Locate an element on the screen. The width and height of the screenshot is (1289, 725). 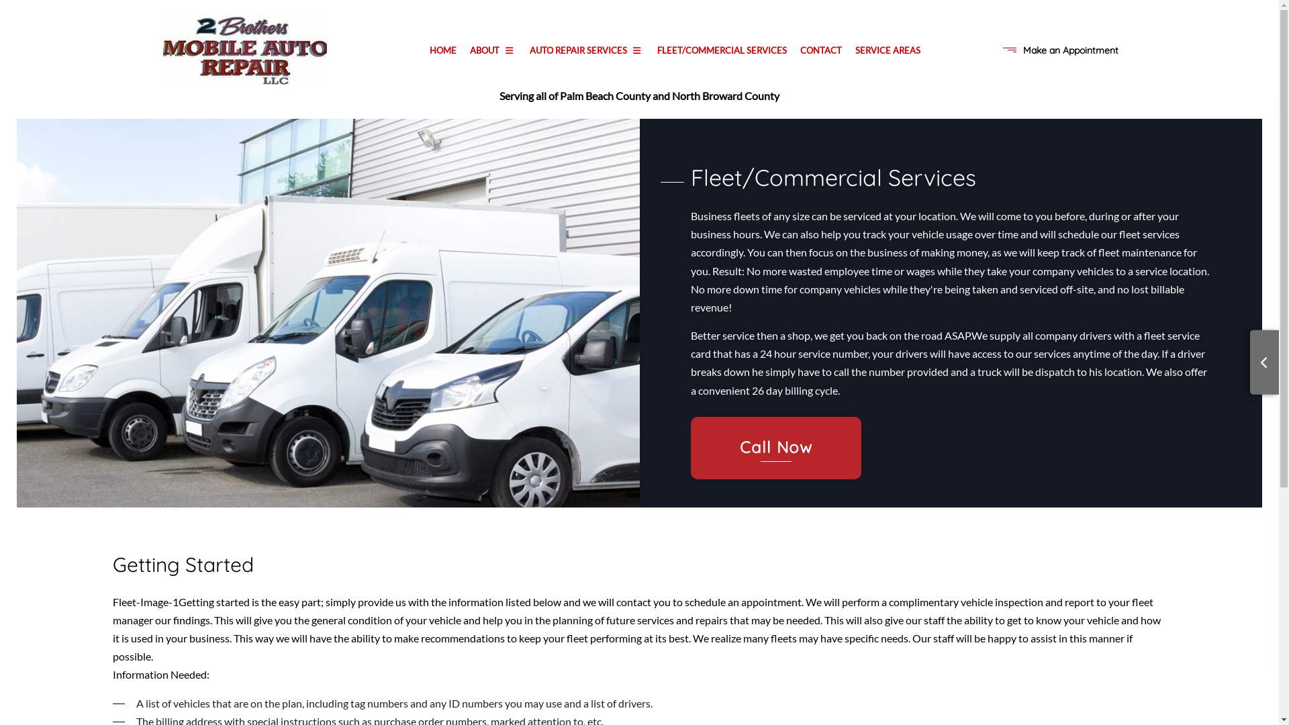
'AUTO REPAIR SERVICES' is located at coordinates (586, 50).